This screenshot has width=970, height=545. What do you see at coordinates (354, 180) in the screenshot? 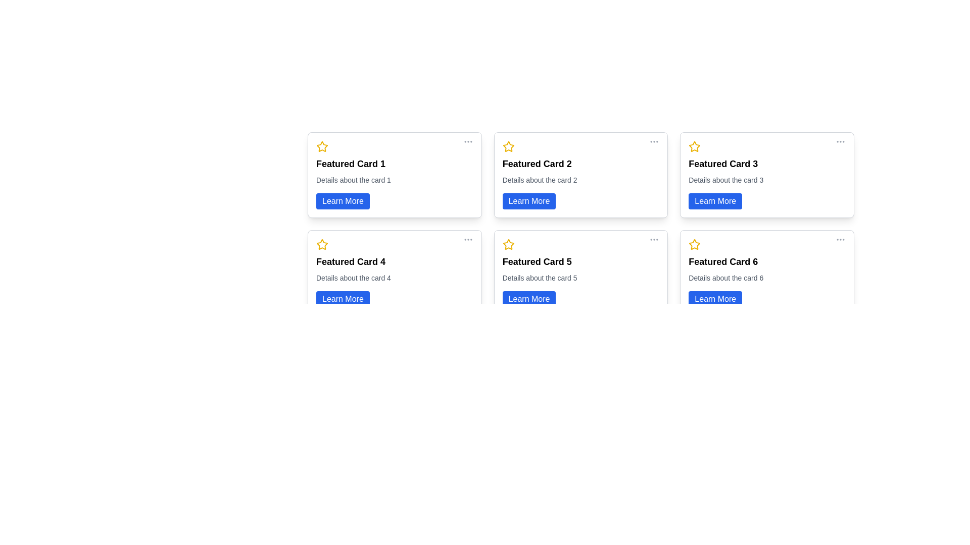
I see `the static text element located within the first card in the grid layout, positioned below the header text 'Featured Card 1' and above the button labeled 'Learn More'` at bounding box center [354, 180].